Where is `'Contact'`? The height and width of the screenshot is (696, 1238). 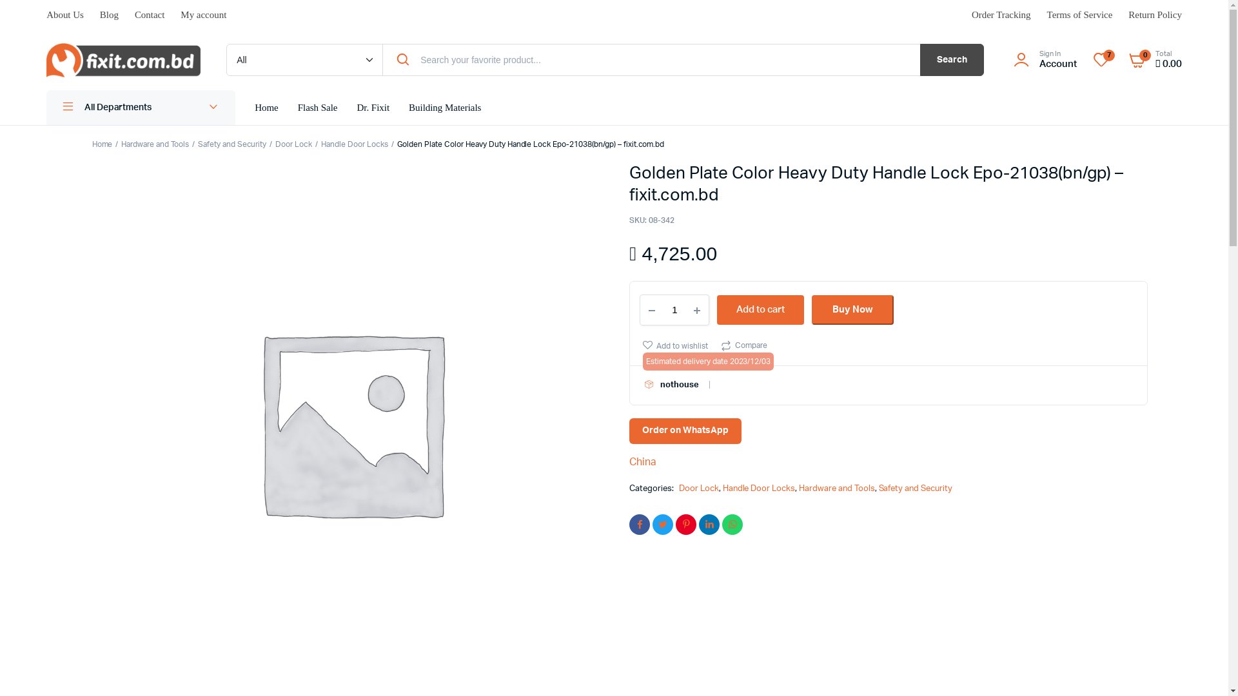
'Contact' is located at coordinates (135, 15).